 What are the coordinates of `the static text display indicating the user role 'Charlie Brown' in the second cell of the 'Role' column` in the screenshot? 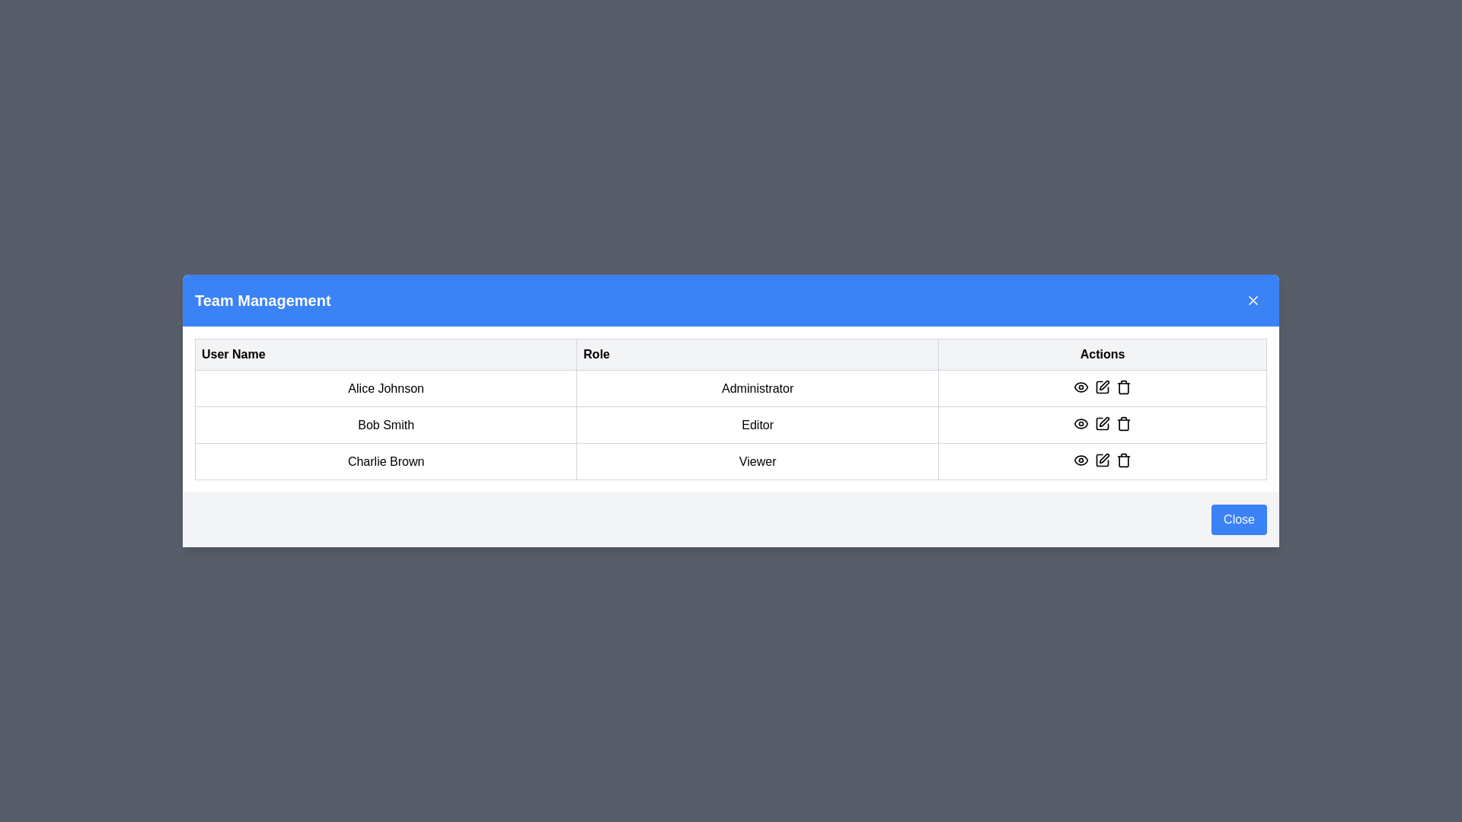 It's located at (758, 460).